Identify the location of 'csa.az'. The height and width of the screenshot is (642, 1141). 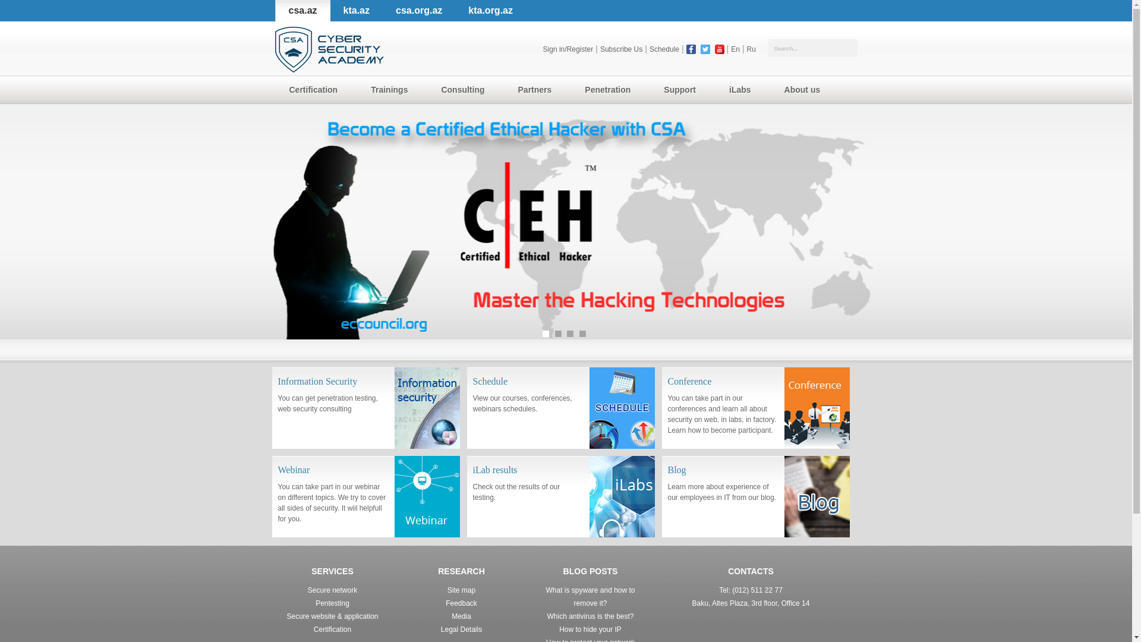
(302, 11).